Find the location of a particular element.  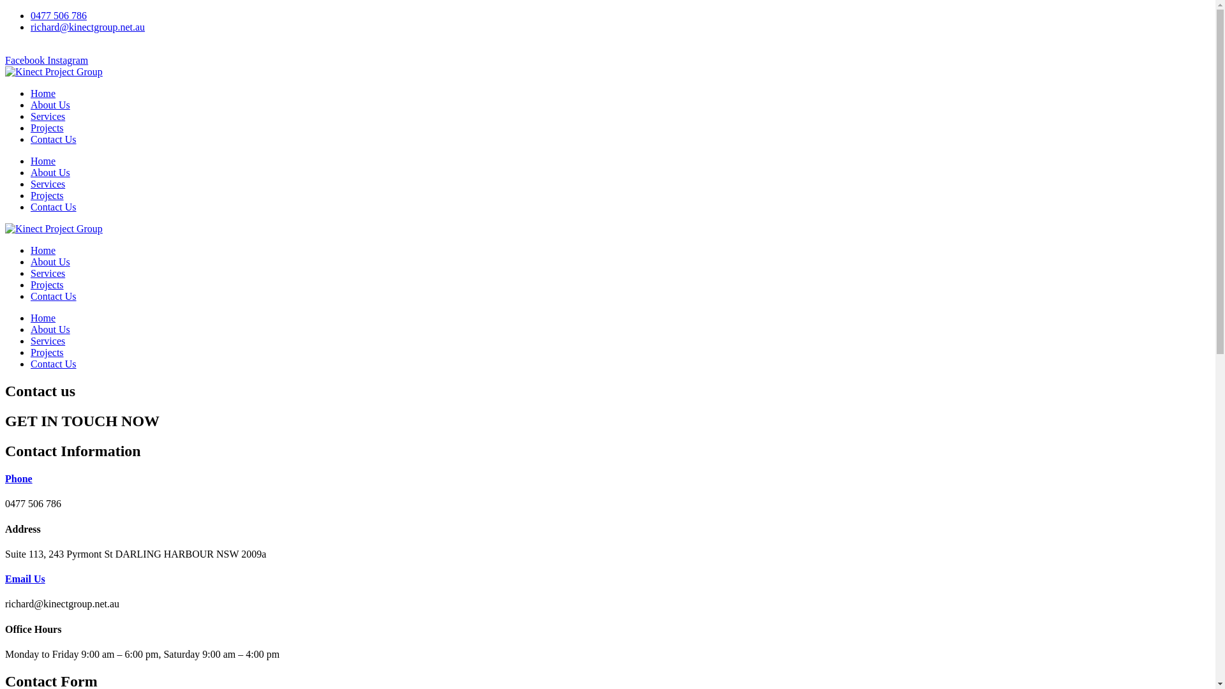

'Email Us' is located at coordinates (25, 579).